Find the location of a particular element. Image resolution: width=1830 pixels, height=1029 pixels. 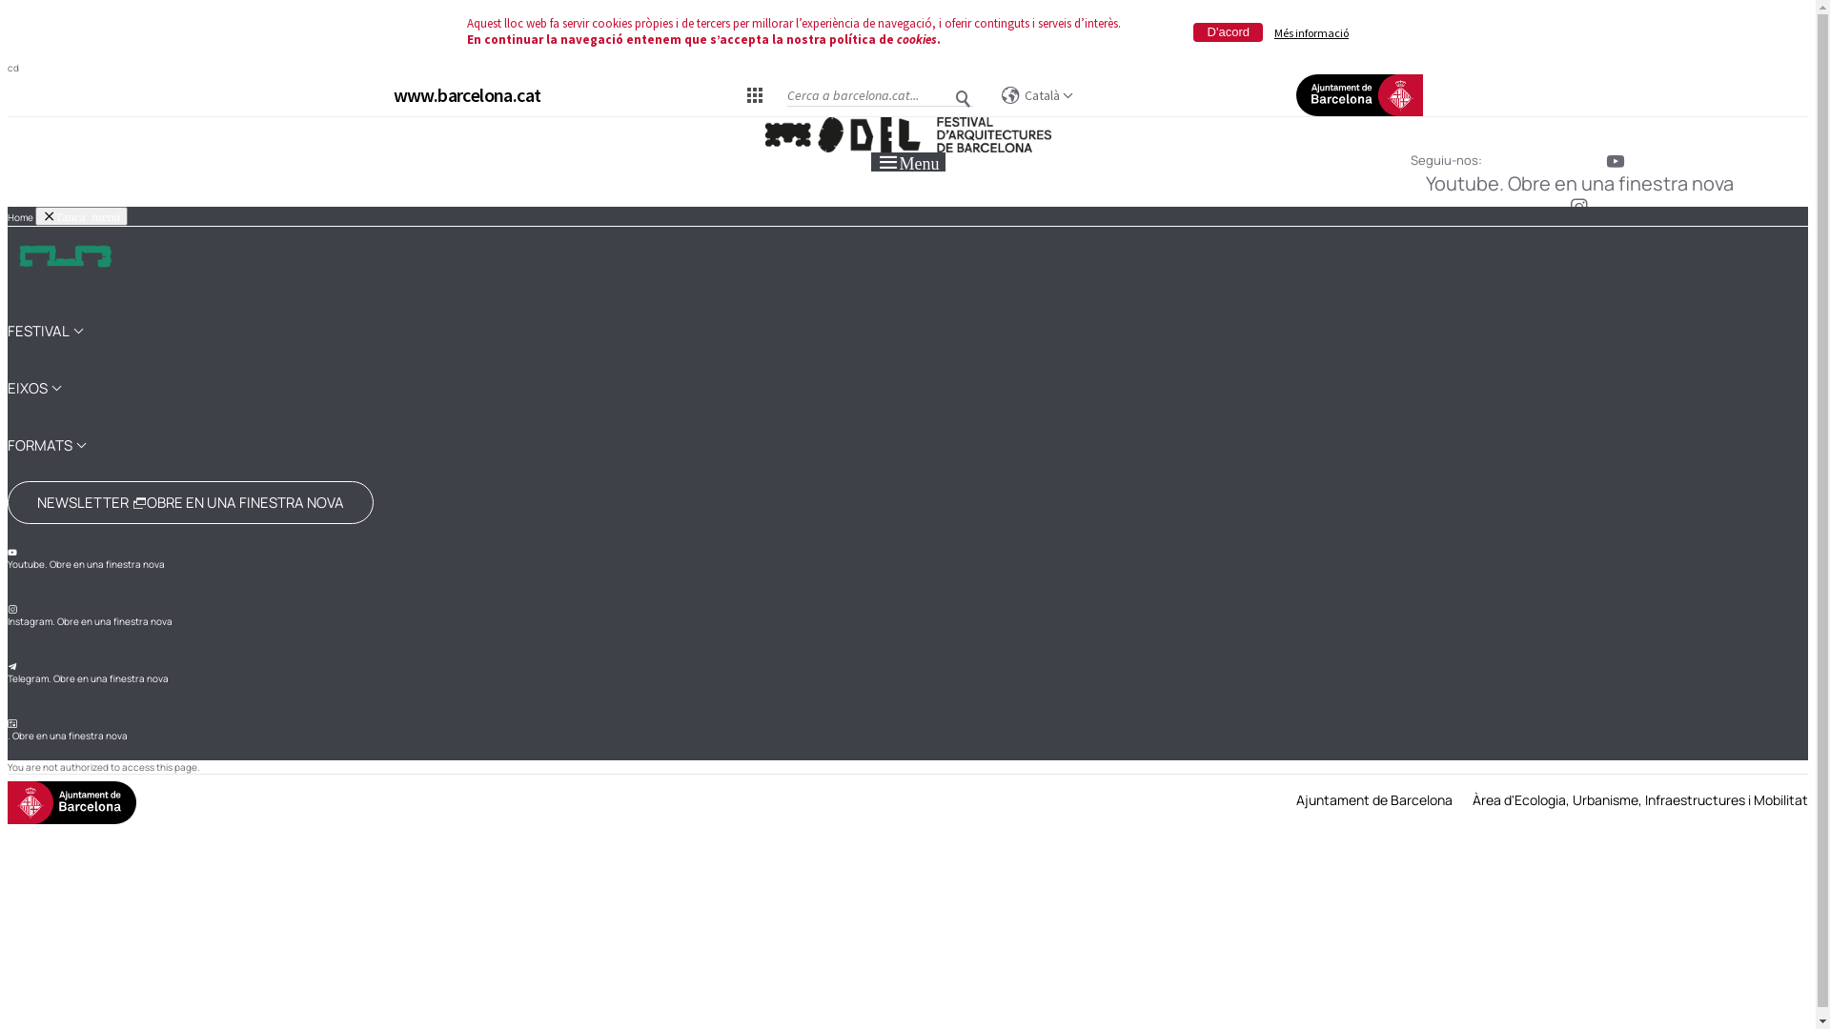

'Skip to main content' is located at coordinates (8, 117).